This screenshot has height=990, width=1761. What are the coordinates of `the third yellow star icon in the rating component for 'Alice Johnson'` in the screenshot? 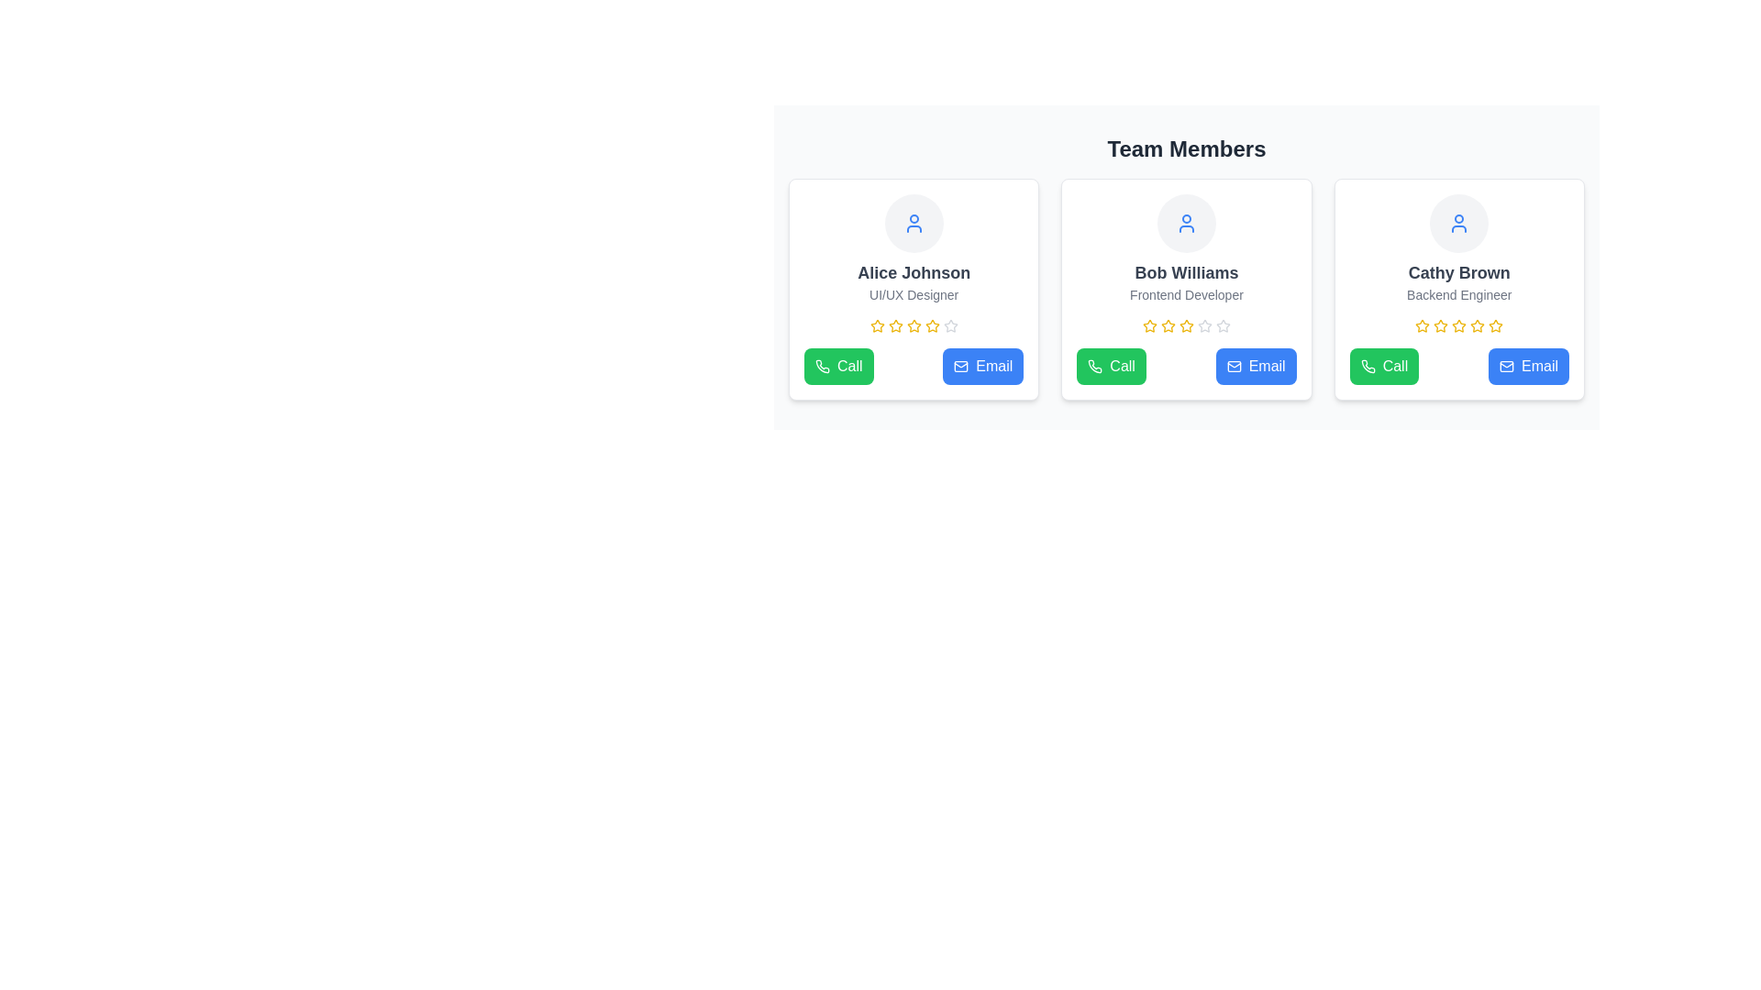 It's located at (895, 324).